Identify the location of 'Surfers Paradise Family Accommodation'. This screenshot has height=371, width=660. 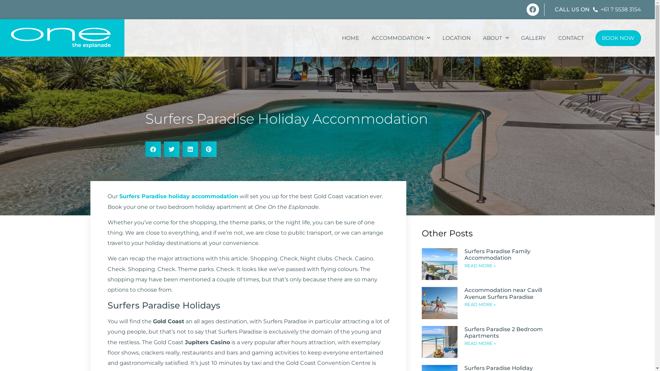
(497, 254).